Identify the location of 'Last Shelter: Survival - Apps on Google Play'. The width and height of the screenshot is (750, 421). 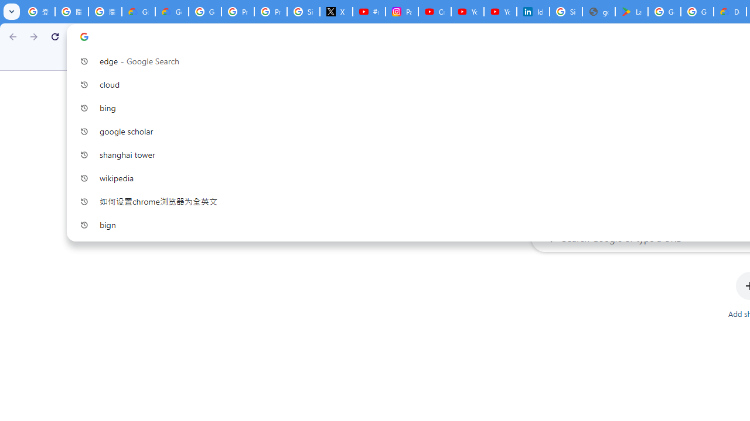
(630, 12).